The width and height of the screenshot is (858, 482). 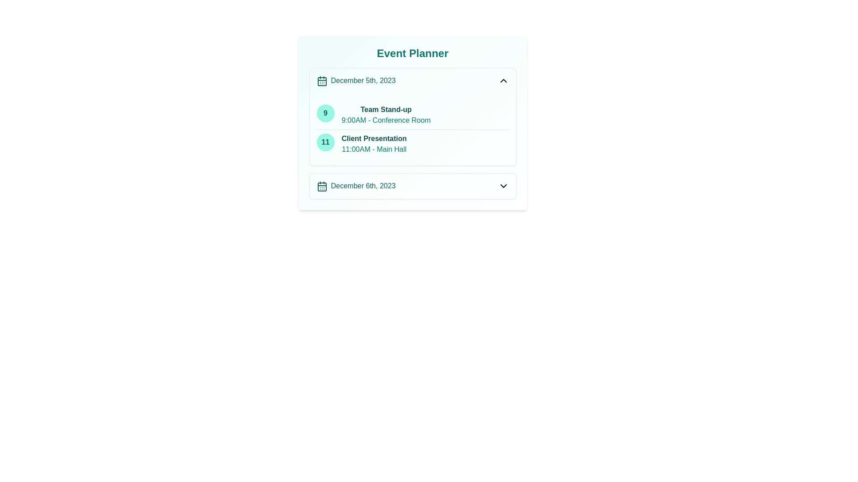 What do you see at coordinates (341, 109) in the screenshot?
I see `the text 'Team Stand-up' for copying` at bounding box center [341, 109].